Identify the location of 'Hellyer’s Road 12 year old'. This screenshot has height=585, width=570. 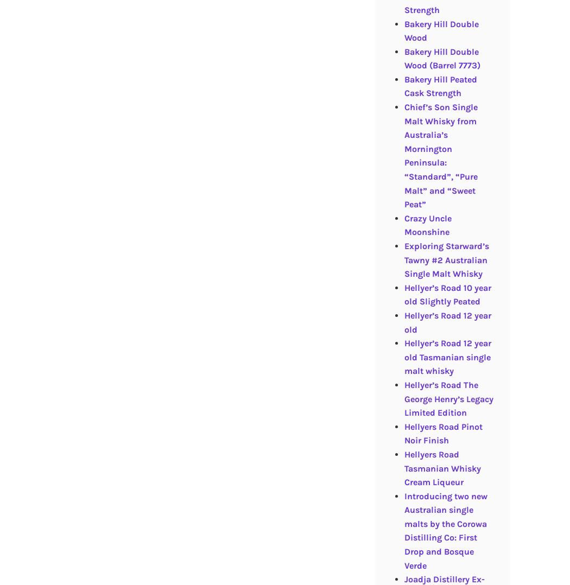
(403, 322).